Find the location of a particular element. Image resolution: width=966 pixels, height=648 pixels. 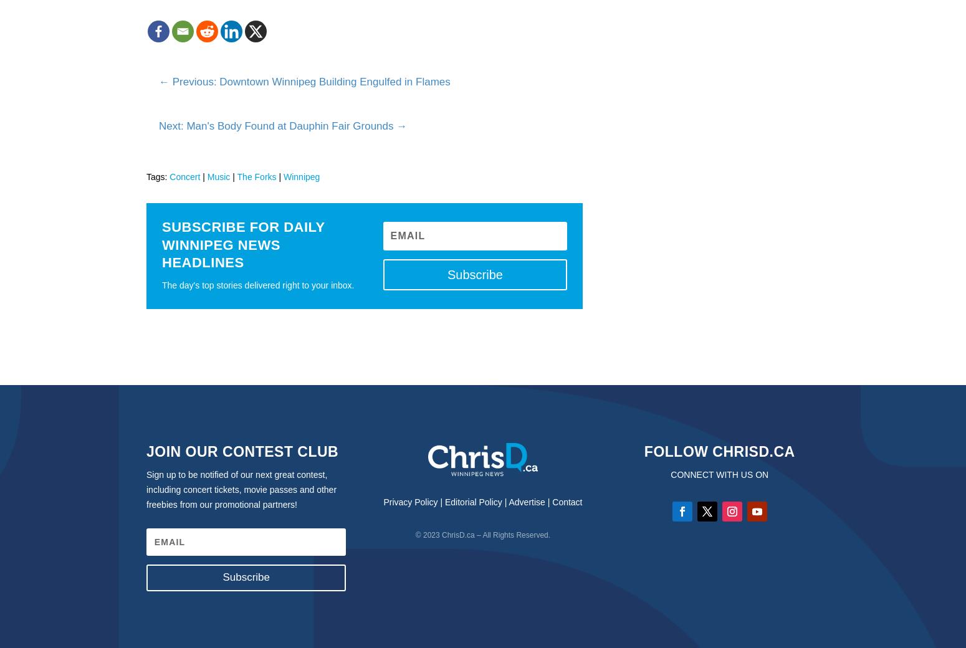

'Follow ChrisD.ca' is located at coordinates (718, 451).